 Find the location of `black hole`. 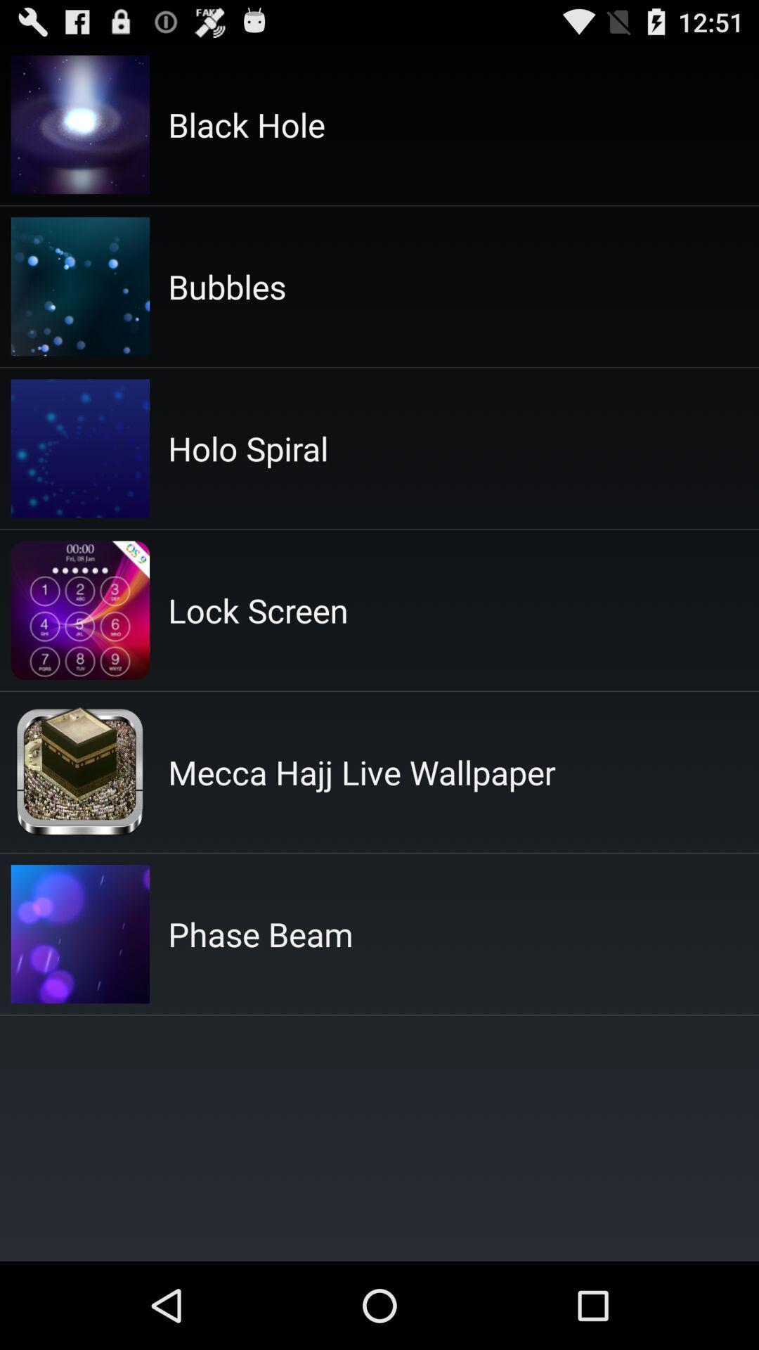

black hole is located at coordinates (246, 124).